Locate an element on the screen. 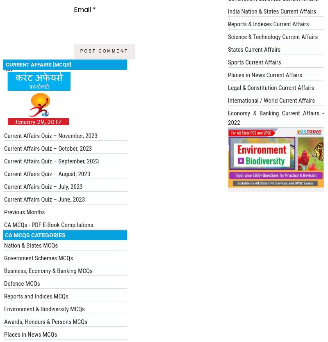 The width and height of the screenshot is (328, 342). 'Science & Technology Current Affairs' is located at coordinates (272, 36).